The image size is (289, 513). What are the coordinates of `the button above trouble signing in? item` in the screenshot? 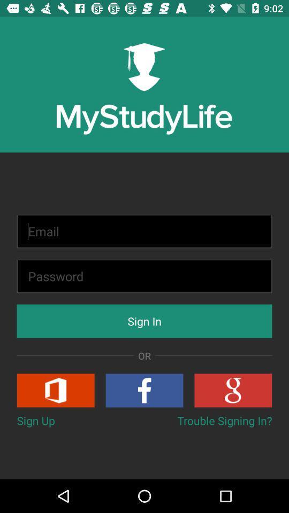 It's located at (232, 390).